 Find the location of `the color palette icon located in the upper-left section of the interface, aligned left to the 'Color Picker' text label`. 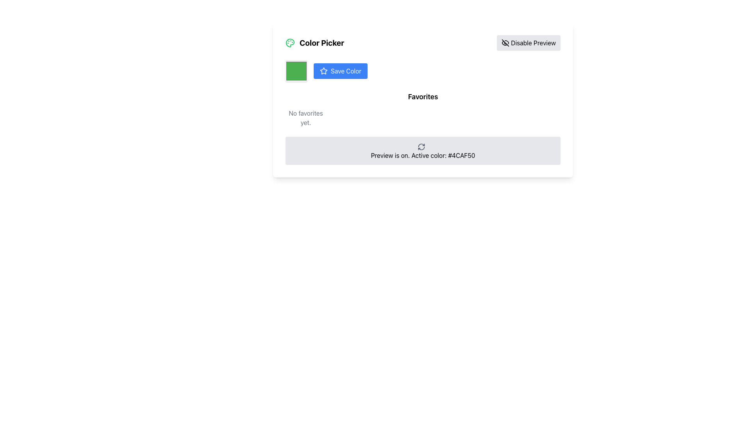

the color palette icon located in the upper-left section of the interface, aligned left to the 'Color Picker' text label is located at coordinates (290, 43).